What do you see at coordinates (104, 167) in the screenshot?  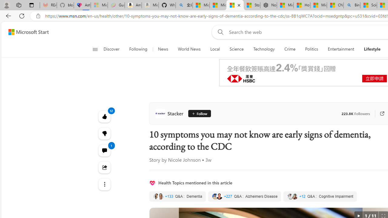 I see `'Share this story'` at bounding box center [104, 167].